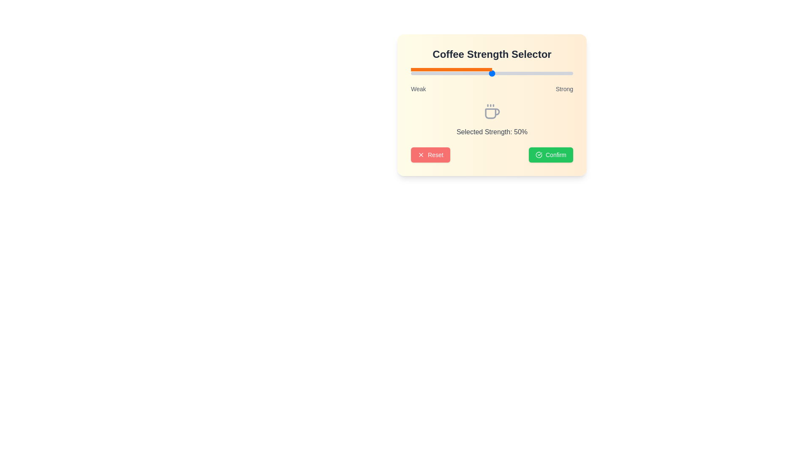  What do you see at coordinates (481, 73) in the screenshot?
I see `the coffee strength` at bounding box center [481, 73].